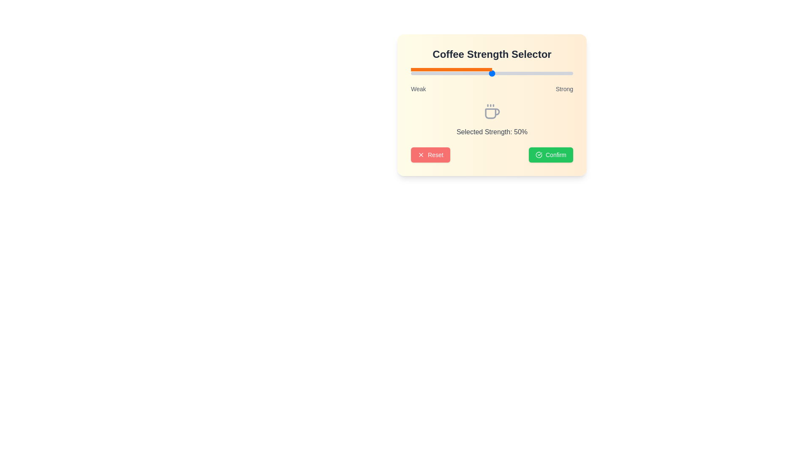  What do you see at coordinates (481, 73) in the screenshot?
I see `the coffee strength` at bounding box center [481, 73].